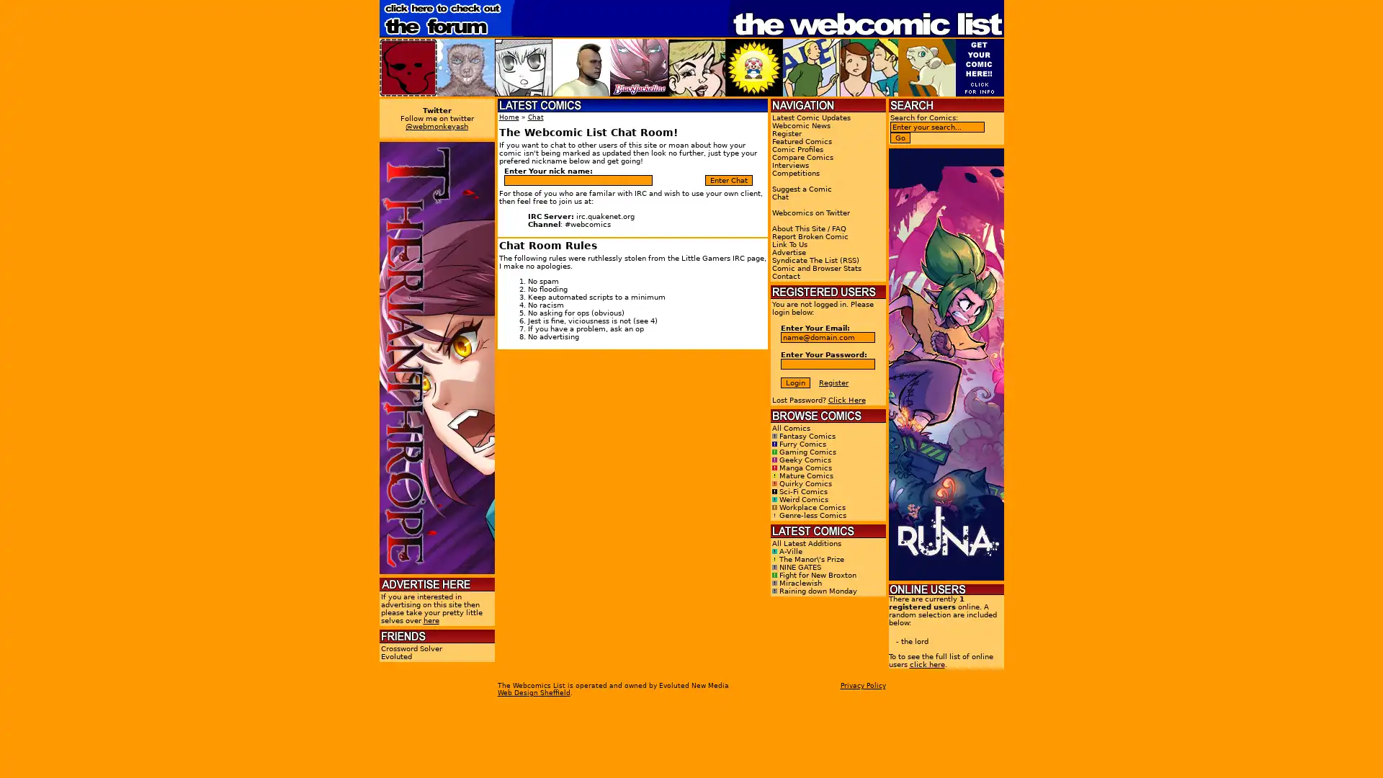  What do you see at coordinates (898, 138) in the screenshot?
I see `Go` at bounding box center [898, 138].